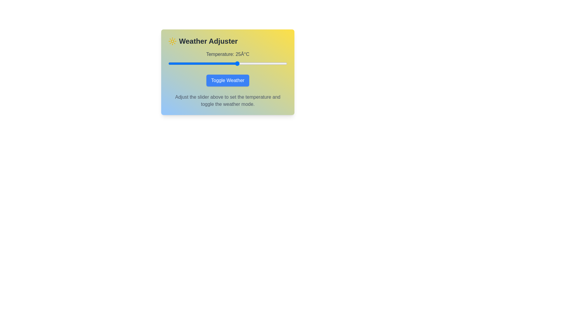  Describe the element at coordinates (221, 63) in the screenshot. I see `the temperature slider to set the temperature to 17°C` at that location.